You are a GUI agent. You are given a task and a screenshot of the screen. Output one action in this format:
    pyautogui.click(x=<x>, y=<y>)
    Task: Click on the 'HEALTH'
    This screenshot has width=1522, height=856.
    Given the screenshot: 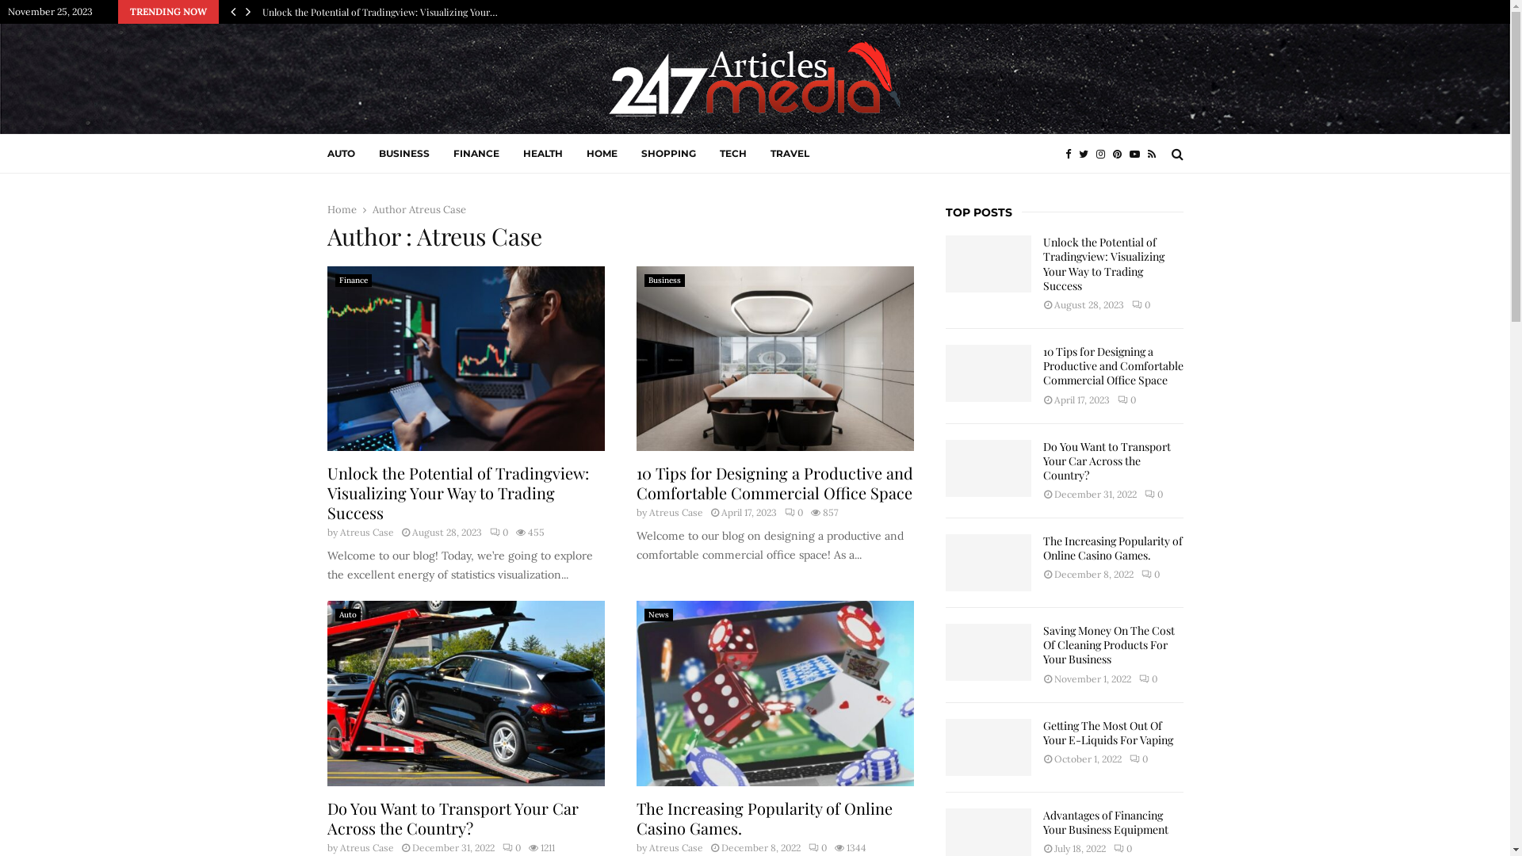 What is the action you would take?
    pyautogui.click(x=543, y=153)
    